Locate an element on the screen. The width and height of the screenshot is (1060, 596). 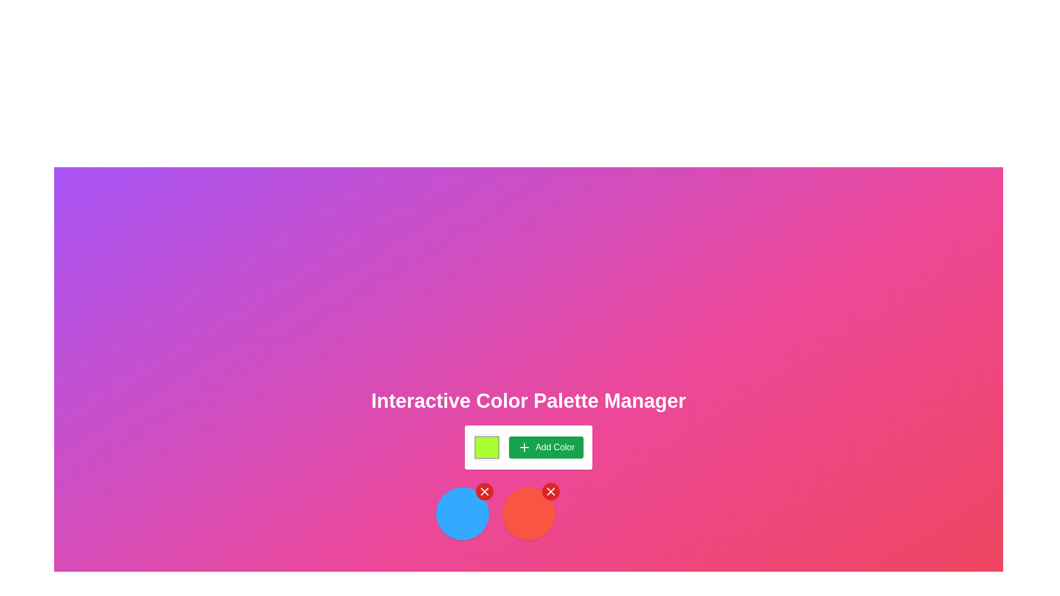
the green square in the Compound Control Panel is located at coordinates (528, 447).